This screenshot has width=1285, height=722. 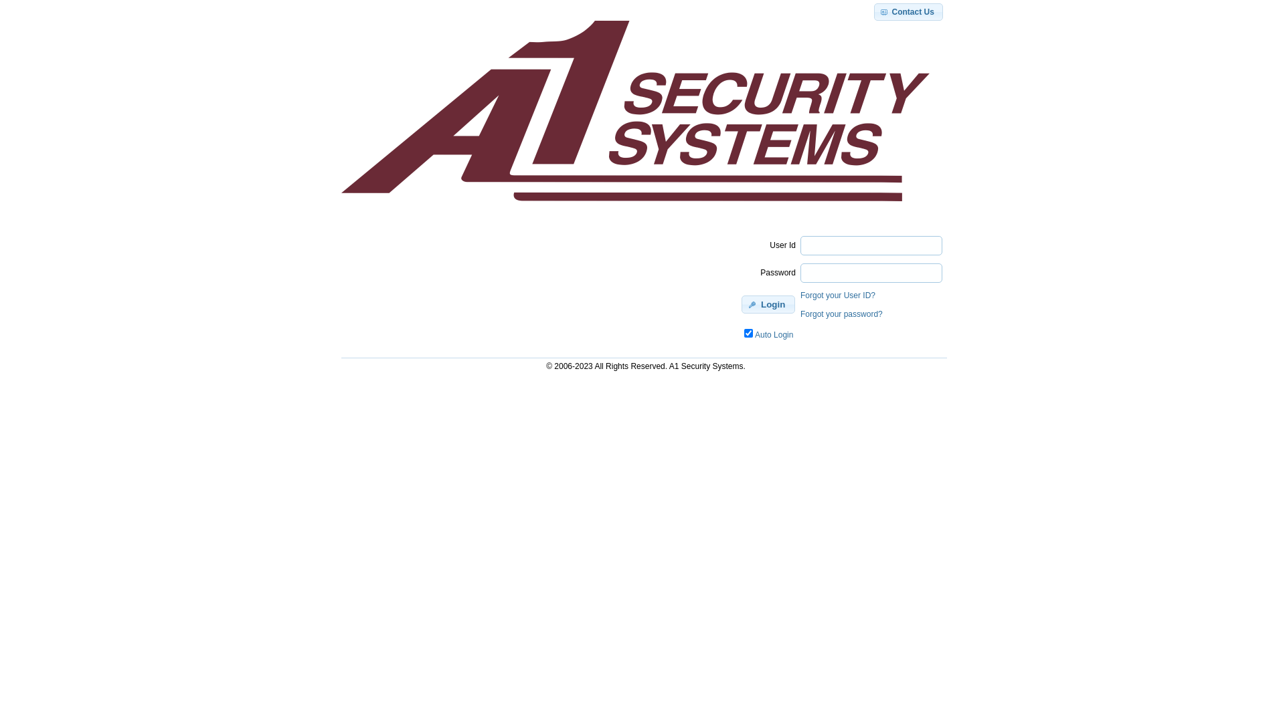 What do you see at coordinates (908, 12) in the screenshot?
I see `'Contact Us'` at bounding box center [908, 12].